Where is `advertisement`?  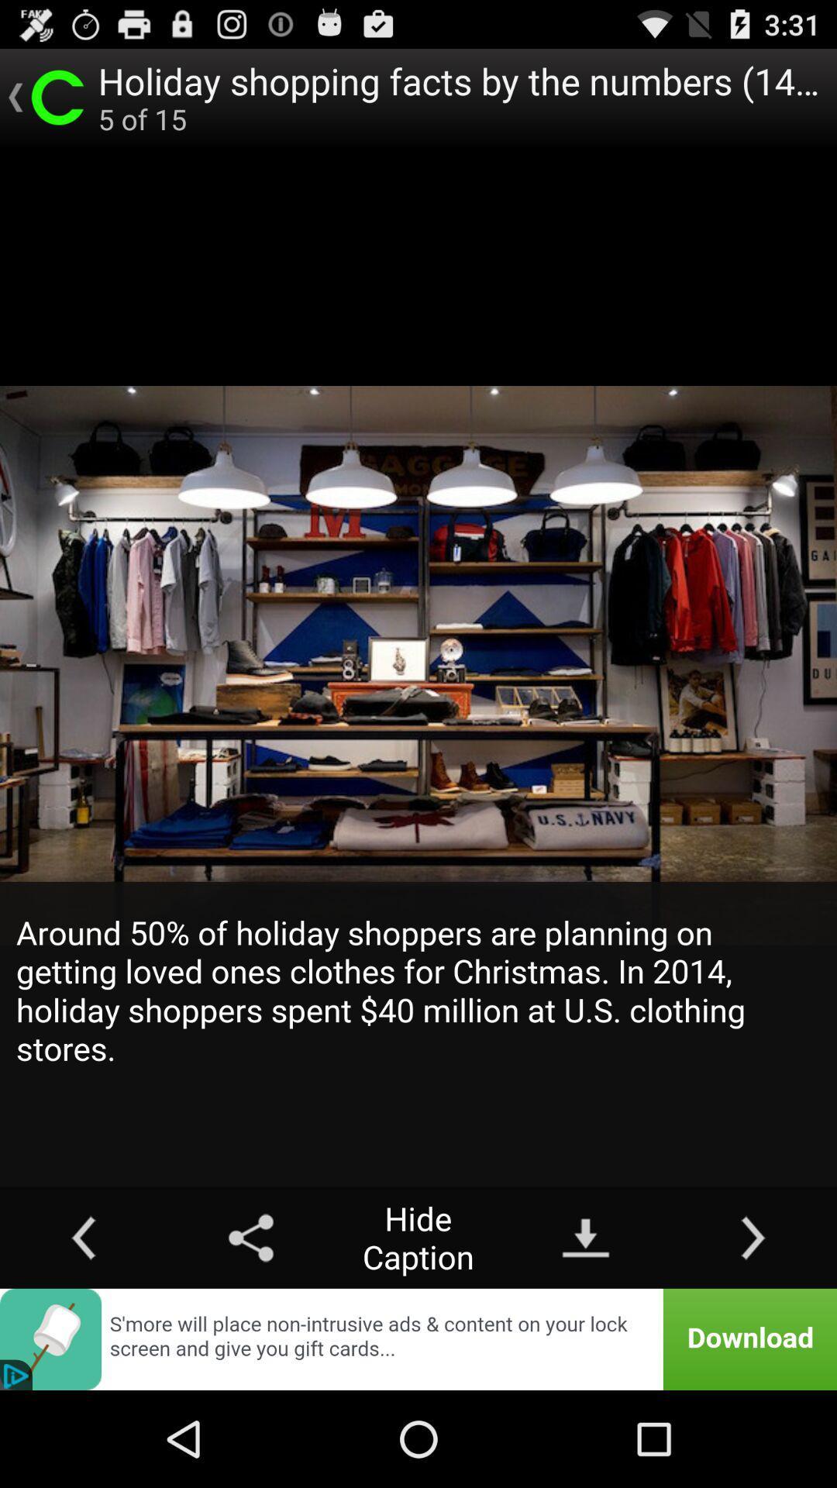 advertisement is located at coordinates (418, 1338).